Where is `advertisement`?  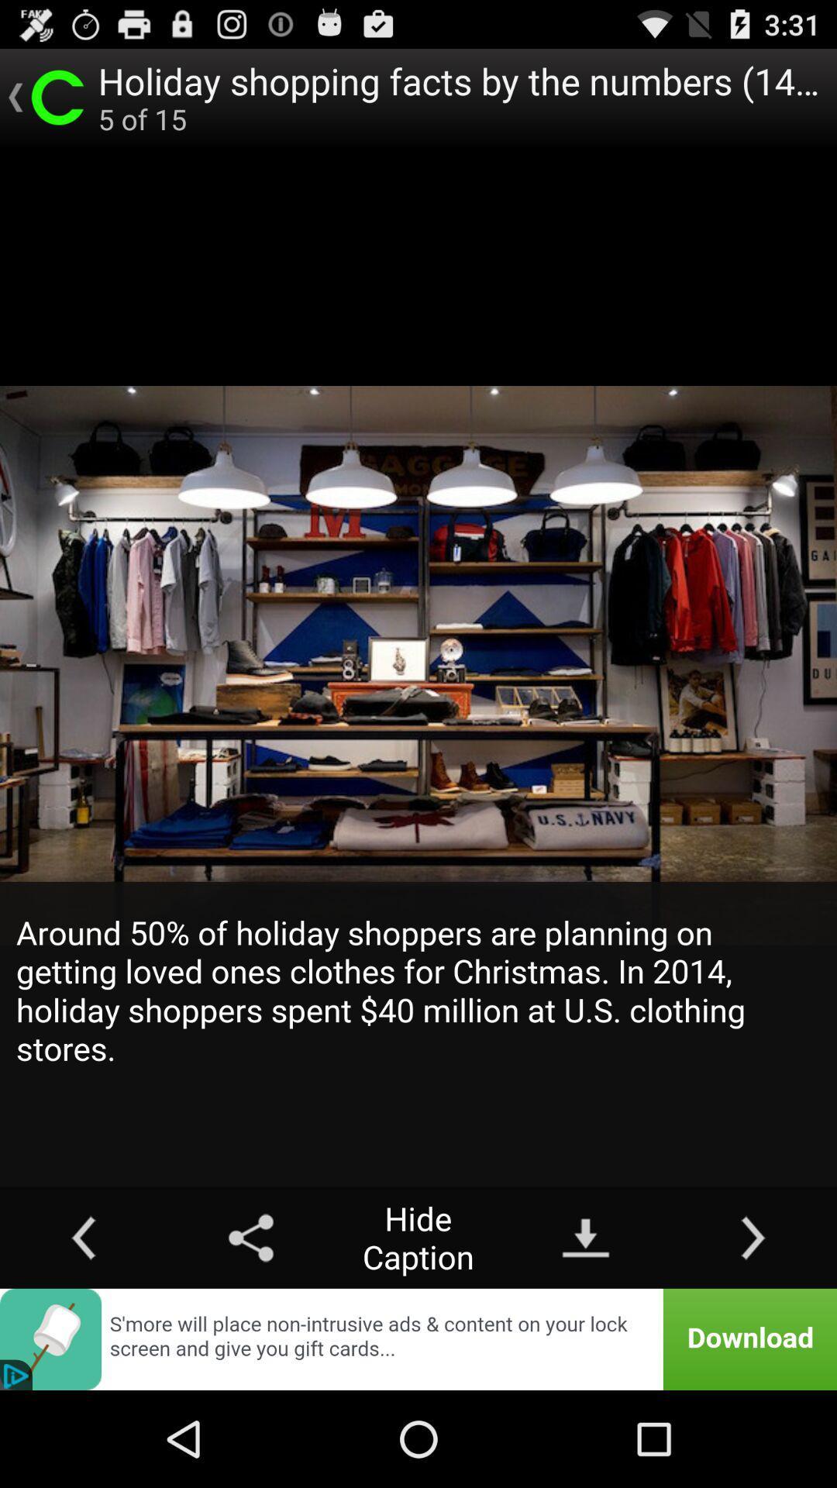 advertisement is located at coordinates (418, 1338).